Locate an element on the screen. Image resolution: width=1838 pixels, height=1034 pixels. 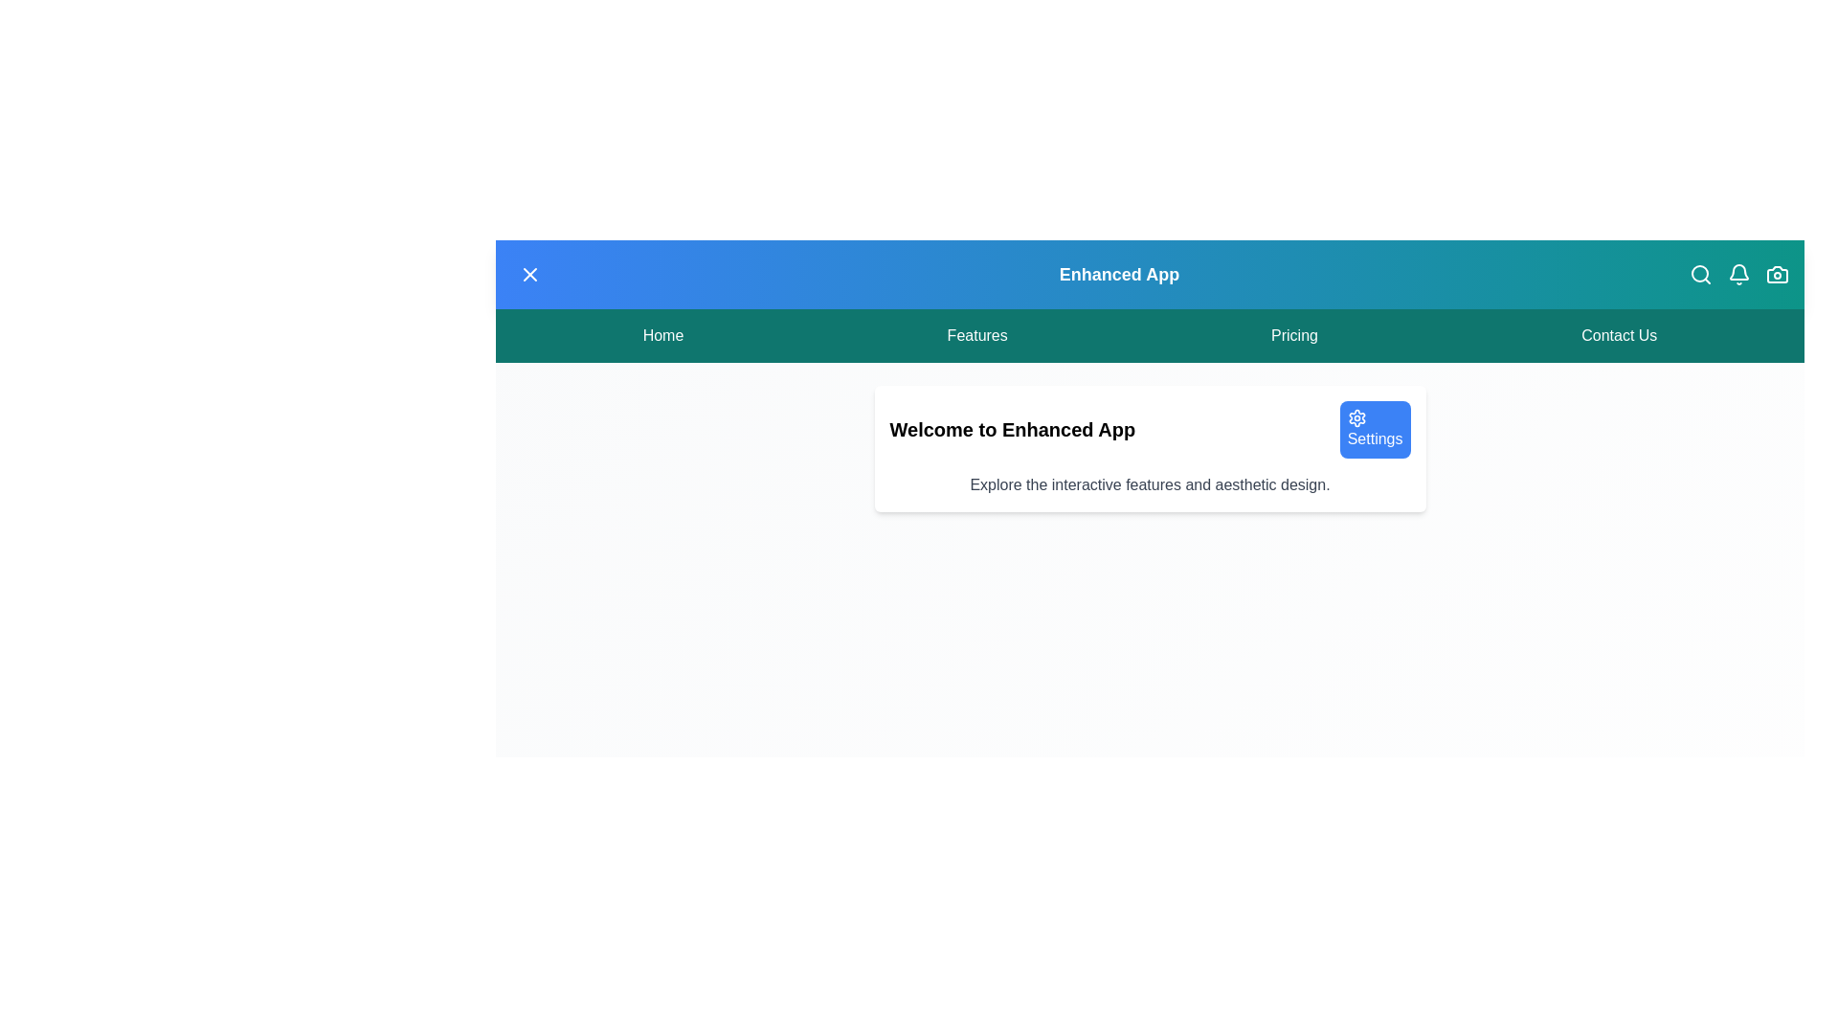
the menu item Home from the menu bar is located at coordinates (662, 335).